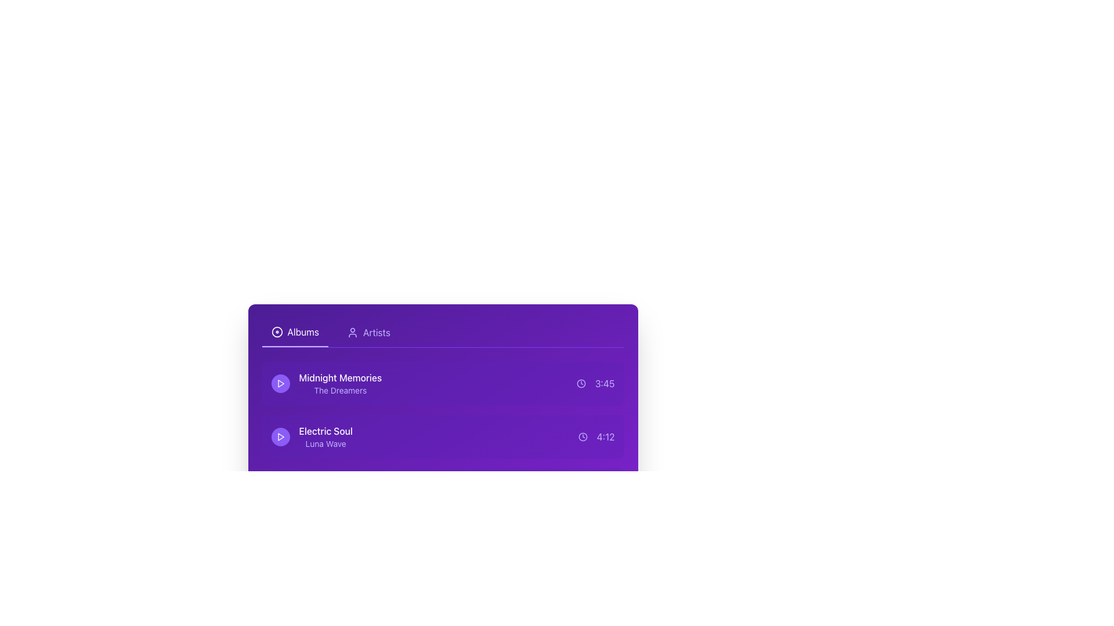 The width and height of the screenshot is (1114, 626). What do you see at coordinates (442, 333) in the screenshot?
I see `the 'Artists' option in the navigation tab bar` at bounding box center [442, 333].